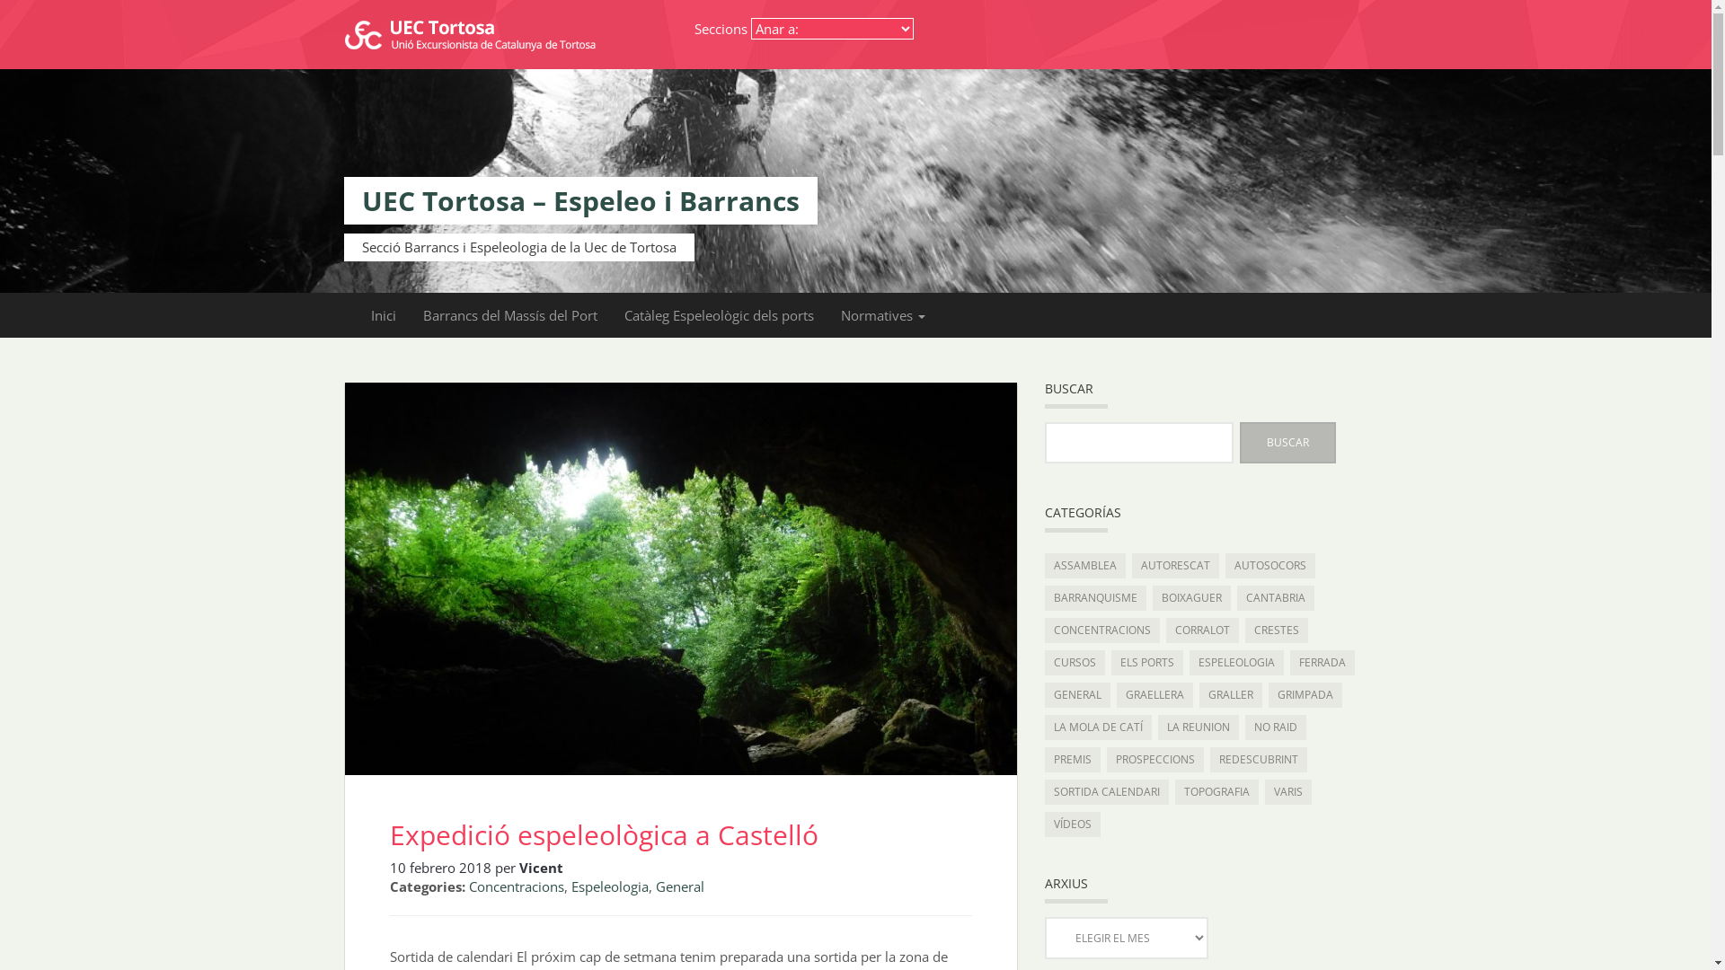 This screenshot has width=1725, height=970. What do you see at coordinates (1151, 598) in the screenshot?
I see `'BOIXAGUER'` at bounding box center [1151, 598].